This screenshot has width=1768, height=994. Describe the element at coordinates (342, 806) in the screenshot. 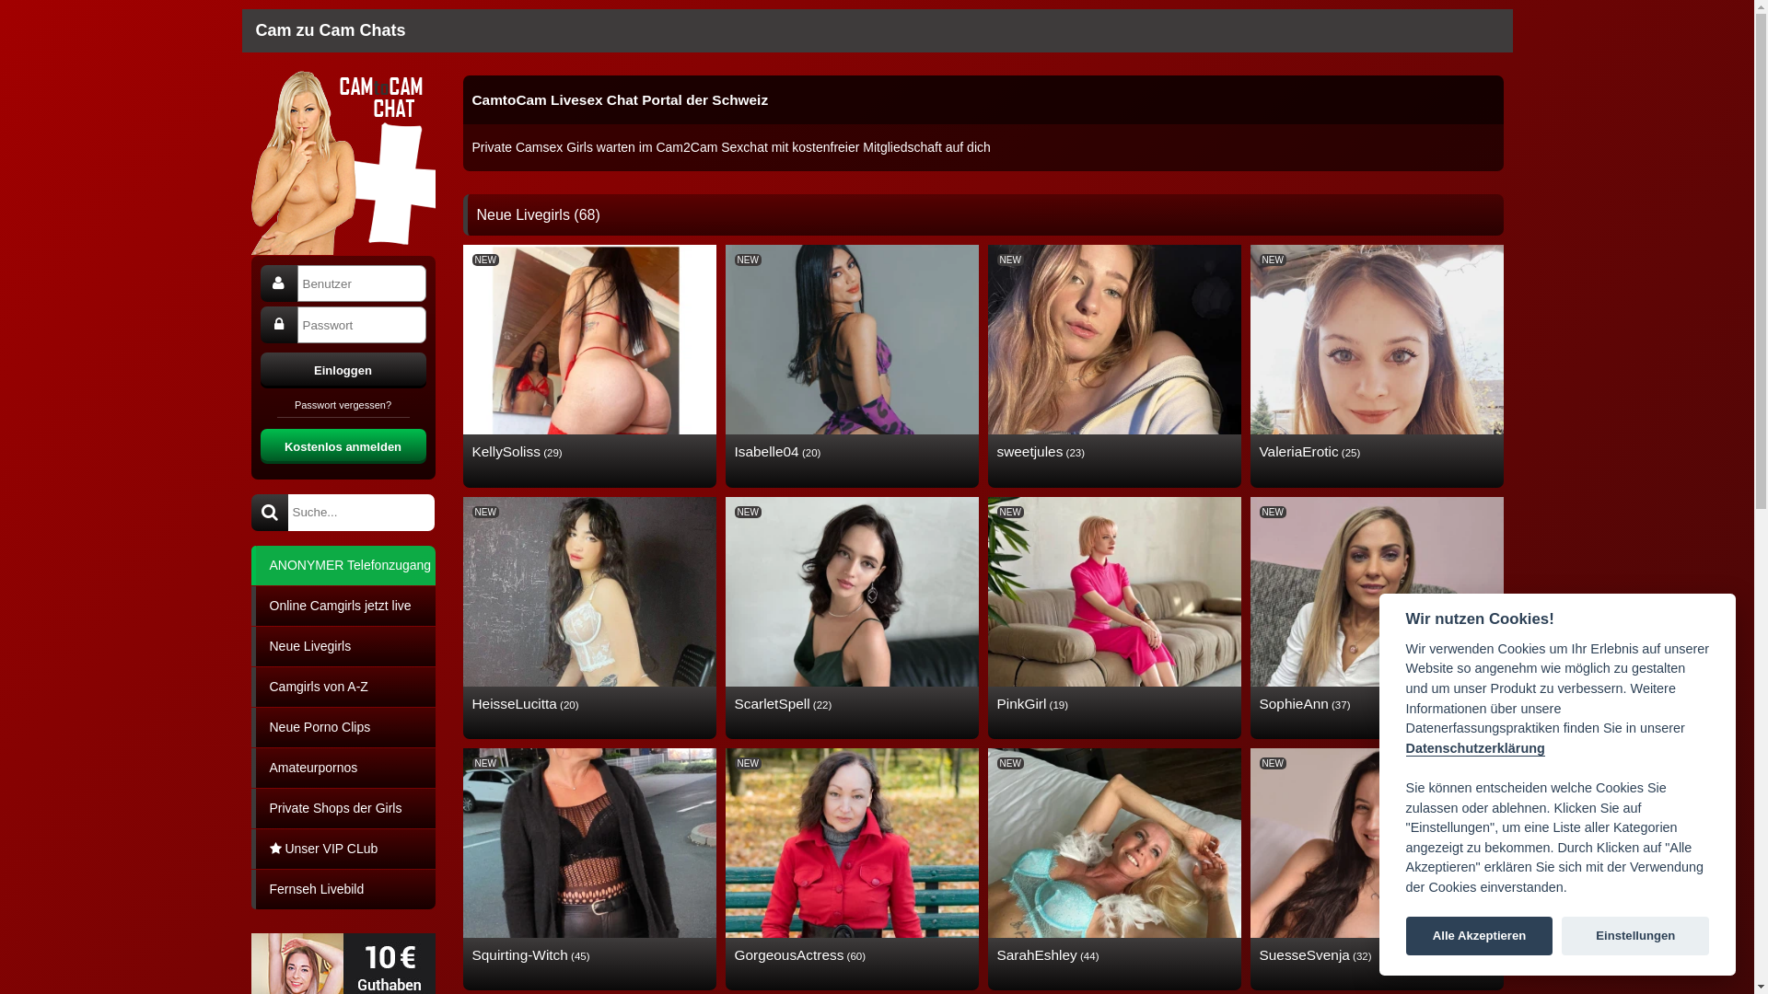

I see `'Private Shops der Girls'` at that location.